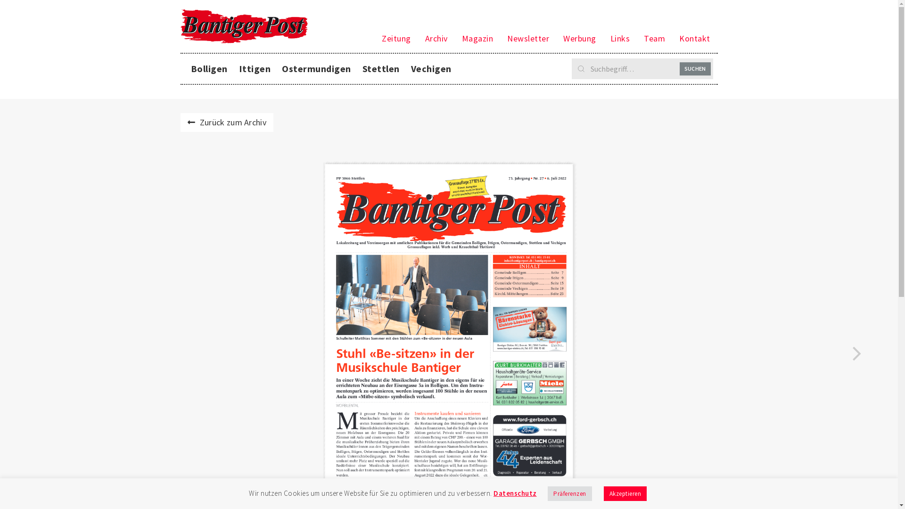 The width and height of the screenshot is (905, 509). What do you see at coordinates (396, 38) in the screenshot?
I see `'Zeitung'` at bounding box center [396, 38].